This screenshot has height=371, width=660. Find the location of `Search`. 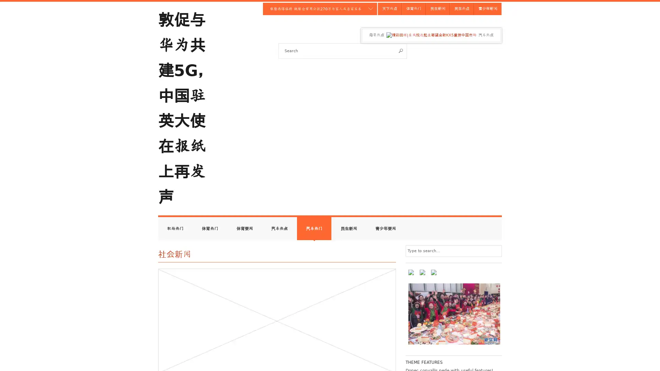

Search is located at coordinates (401, 50).